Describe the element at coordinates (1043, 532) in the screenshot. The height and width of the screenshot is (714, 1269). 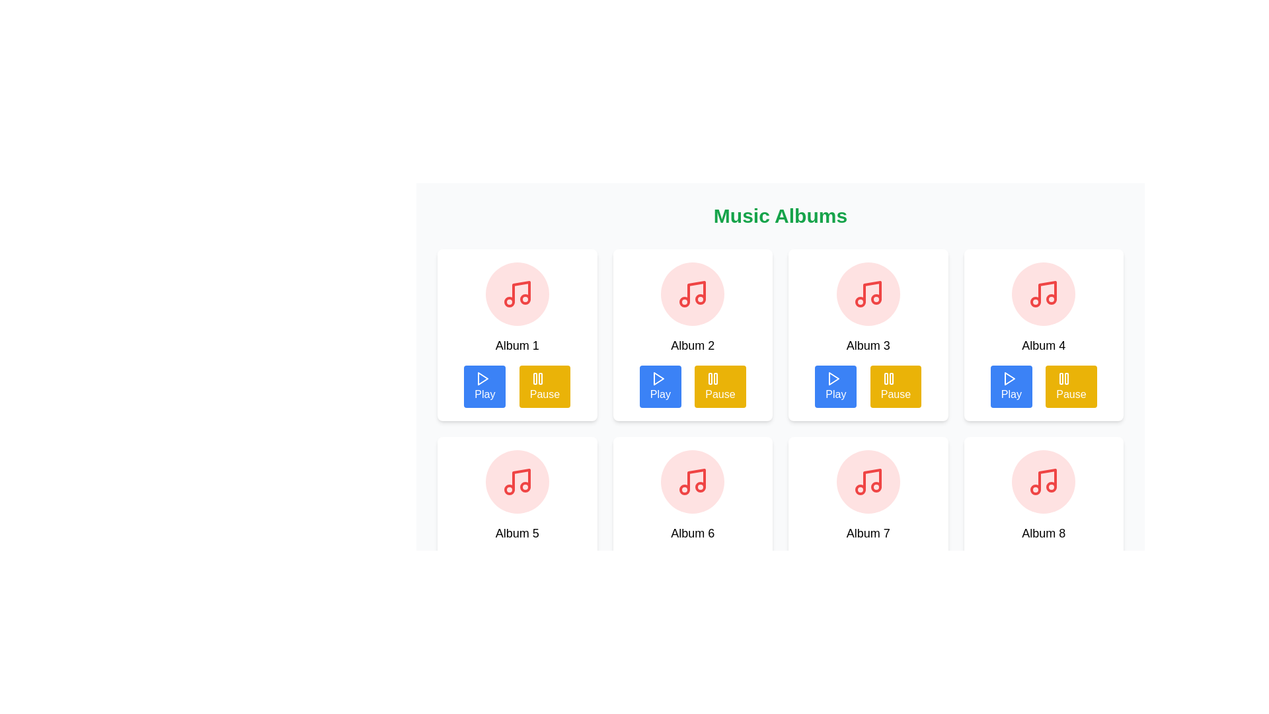
I see `the text label displaying 'Album 8', which is positioned below the musical note icon and above the 'Play' and 'Pause' buttons in the eighth card of the music albums grid` at that location.